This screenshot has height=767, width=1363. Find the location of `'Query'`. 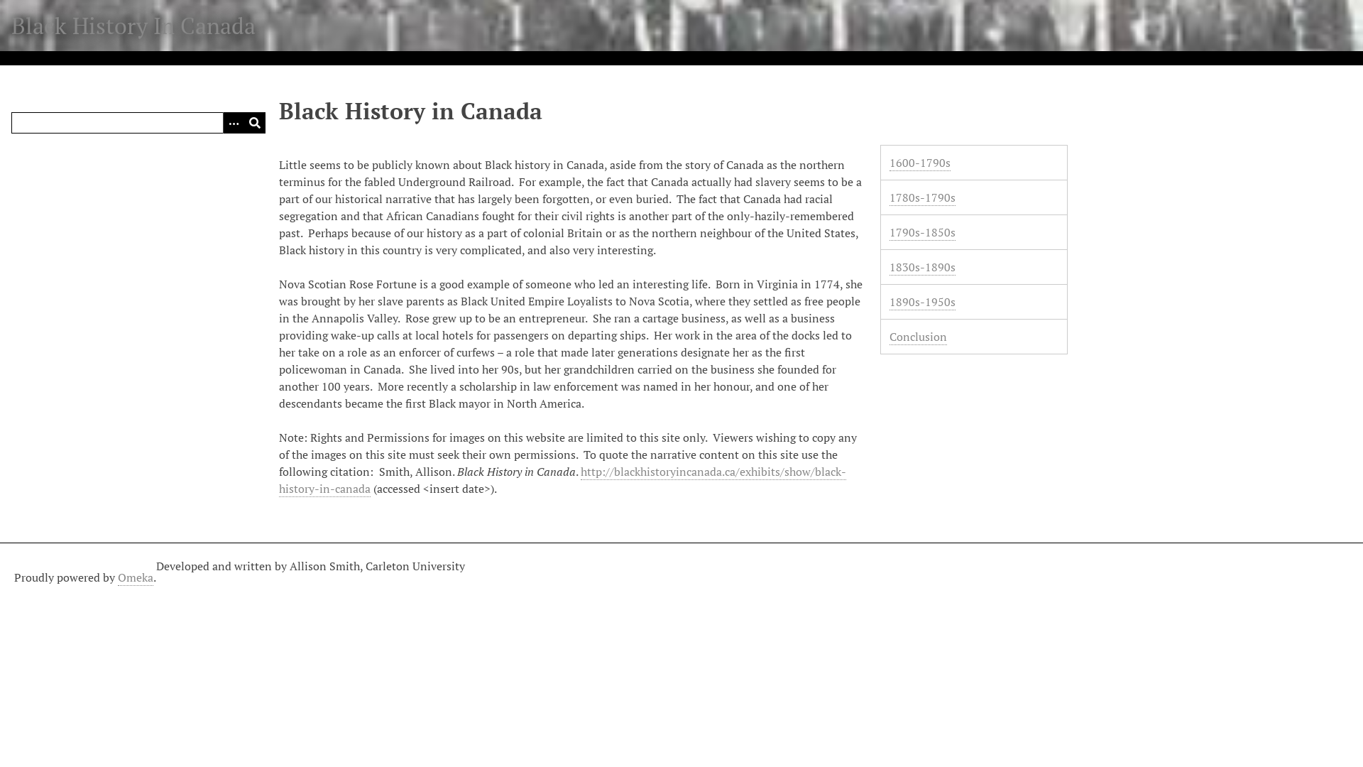

'Query' is located at coordinates (138, 122).